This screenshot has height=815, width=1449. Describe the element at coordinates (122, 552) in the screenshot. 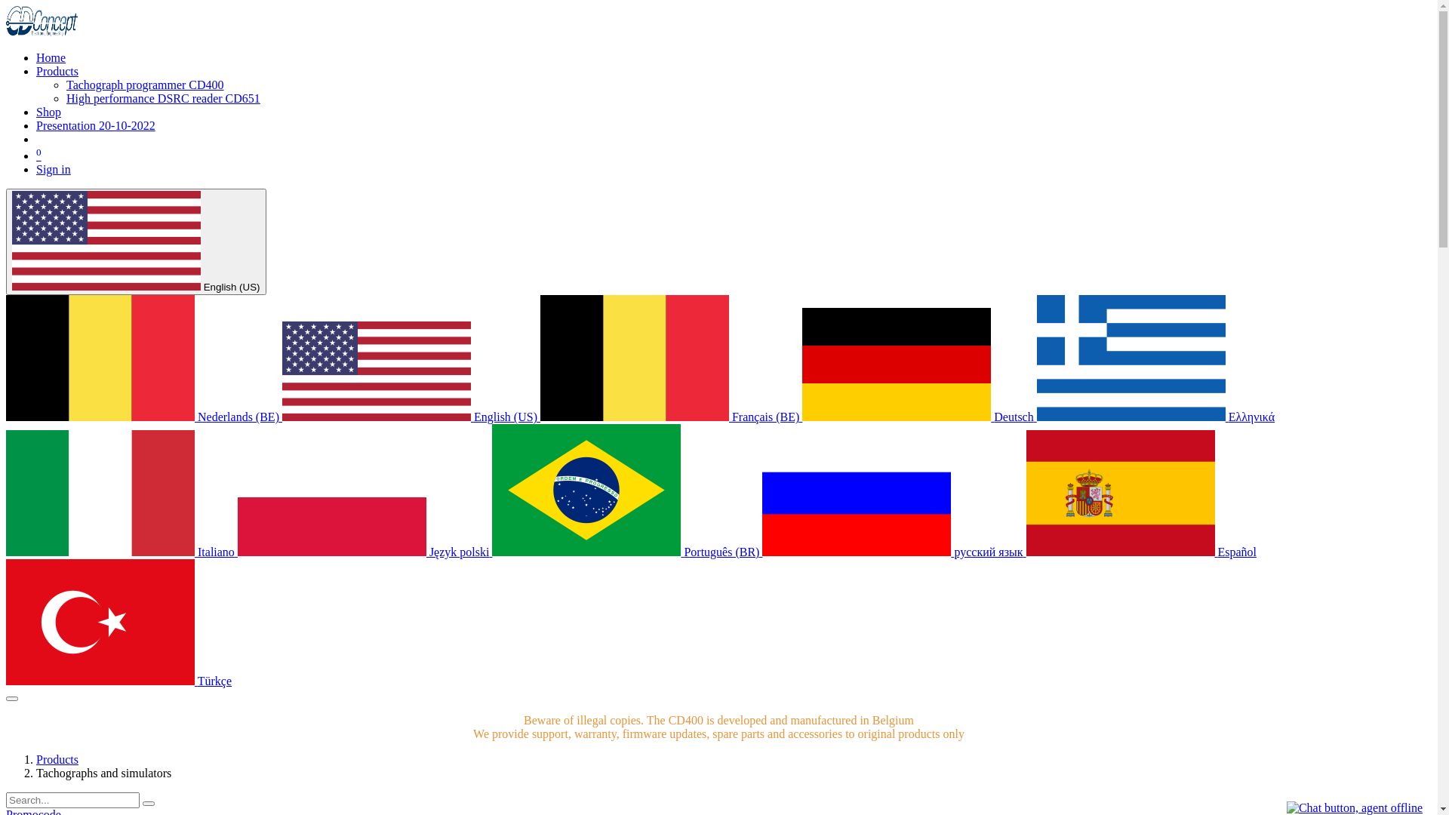

I see `'Italiano'` at that location.